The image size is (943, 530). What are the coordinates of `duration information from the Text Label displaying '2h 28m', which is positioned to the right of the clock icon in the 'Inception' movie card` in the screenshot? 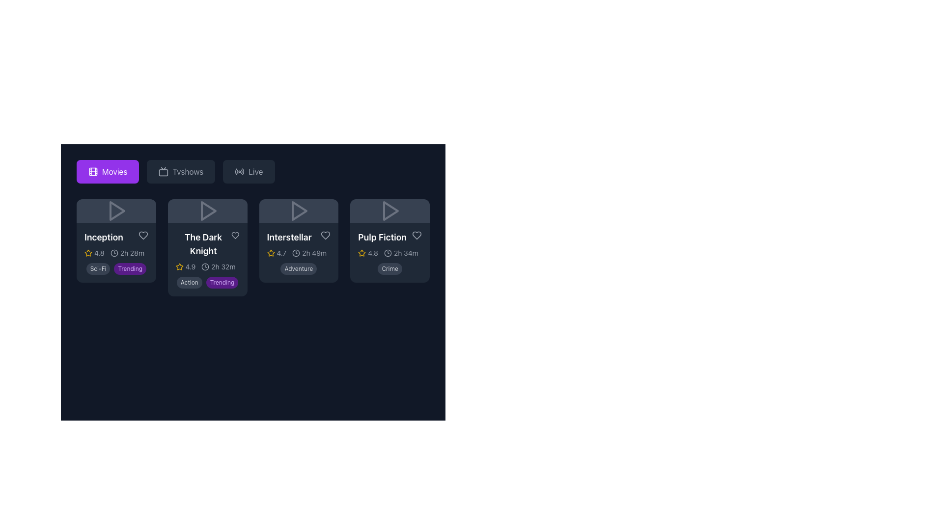 It's located at (132, 253).